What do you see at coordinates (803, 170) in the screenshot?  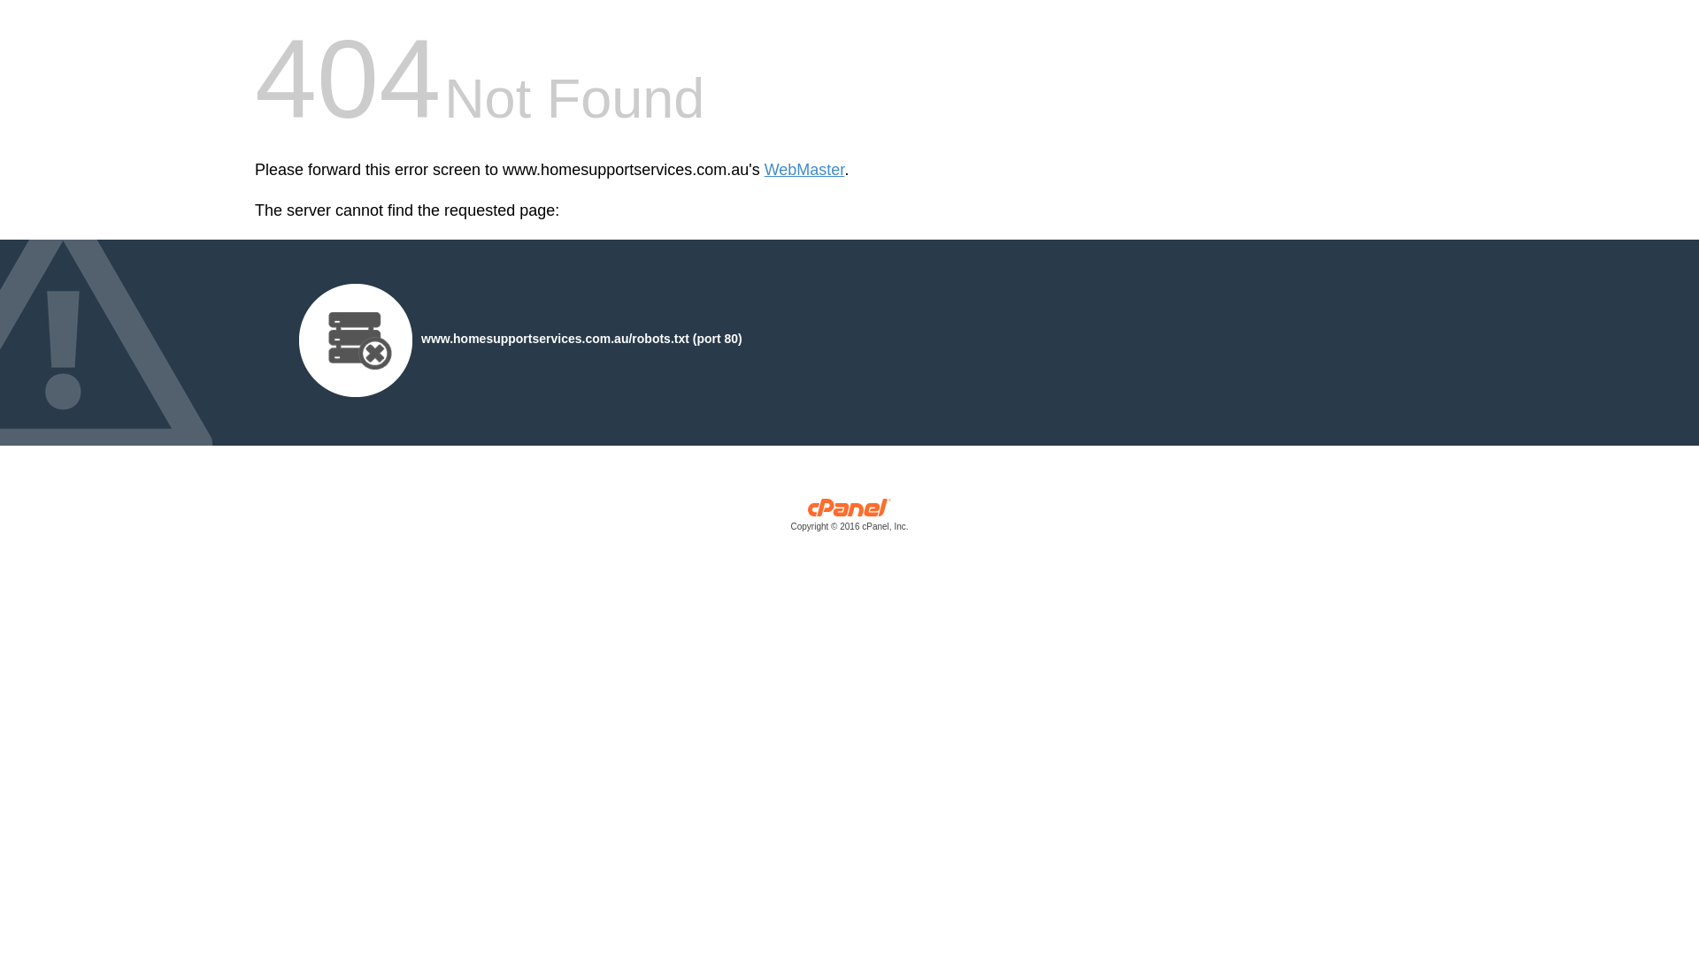 I see `'WebMaster'` at bounding box center [803, 170].